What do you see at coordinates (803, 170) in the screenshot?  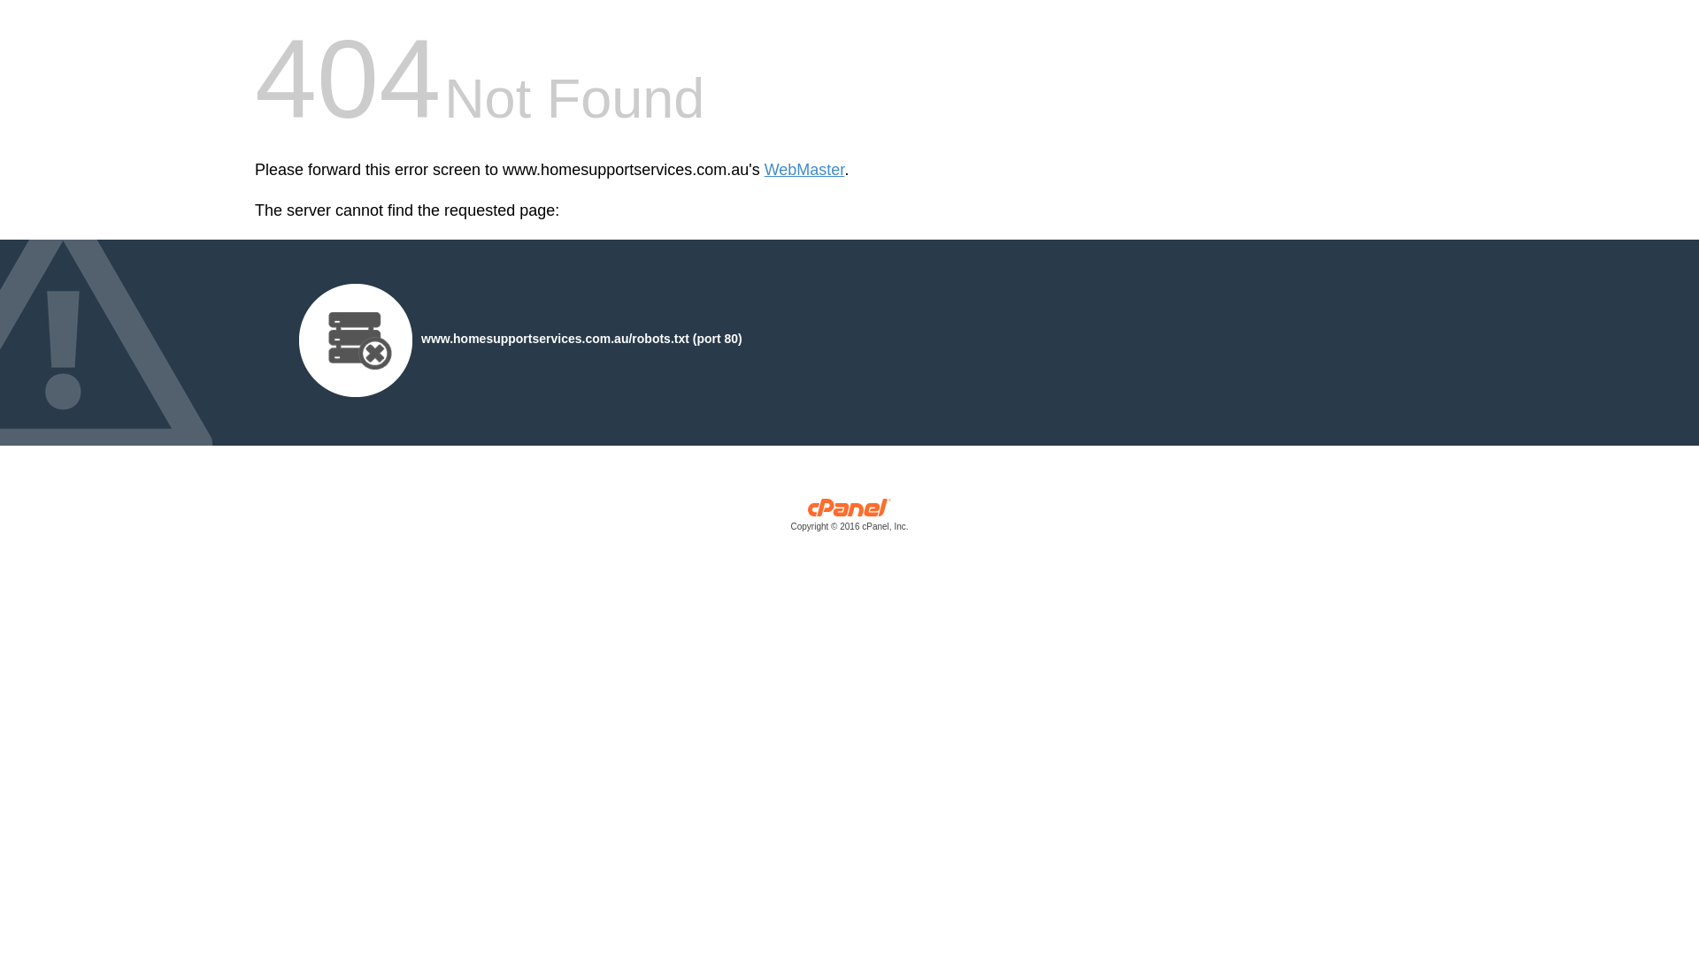 I see `'WebMaster'` at bounding box center [803, 170].